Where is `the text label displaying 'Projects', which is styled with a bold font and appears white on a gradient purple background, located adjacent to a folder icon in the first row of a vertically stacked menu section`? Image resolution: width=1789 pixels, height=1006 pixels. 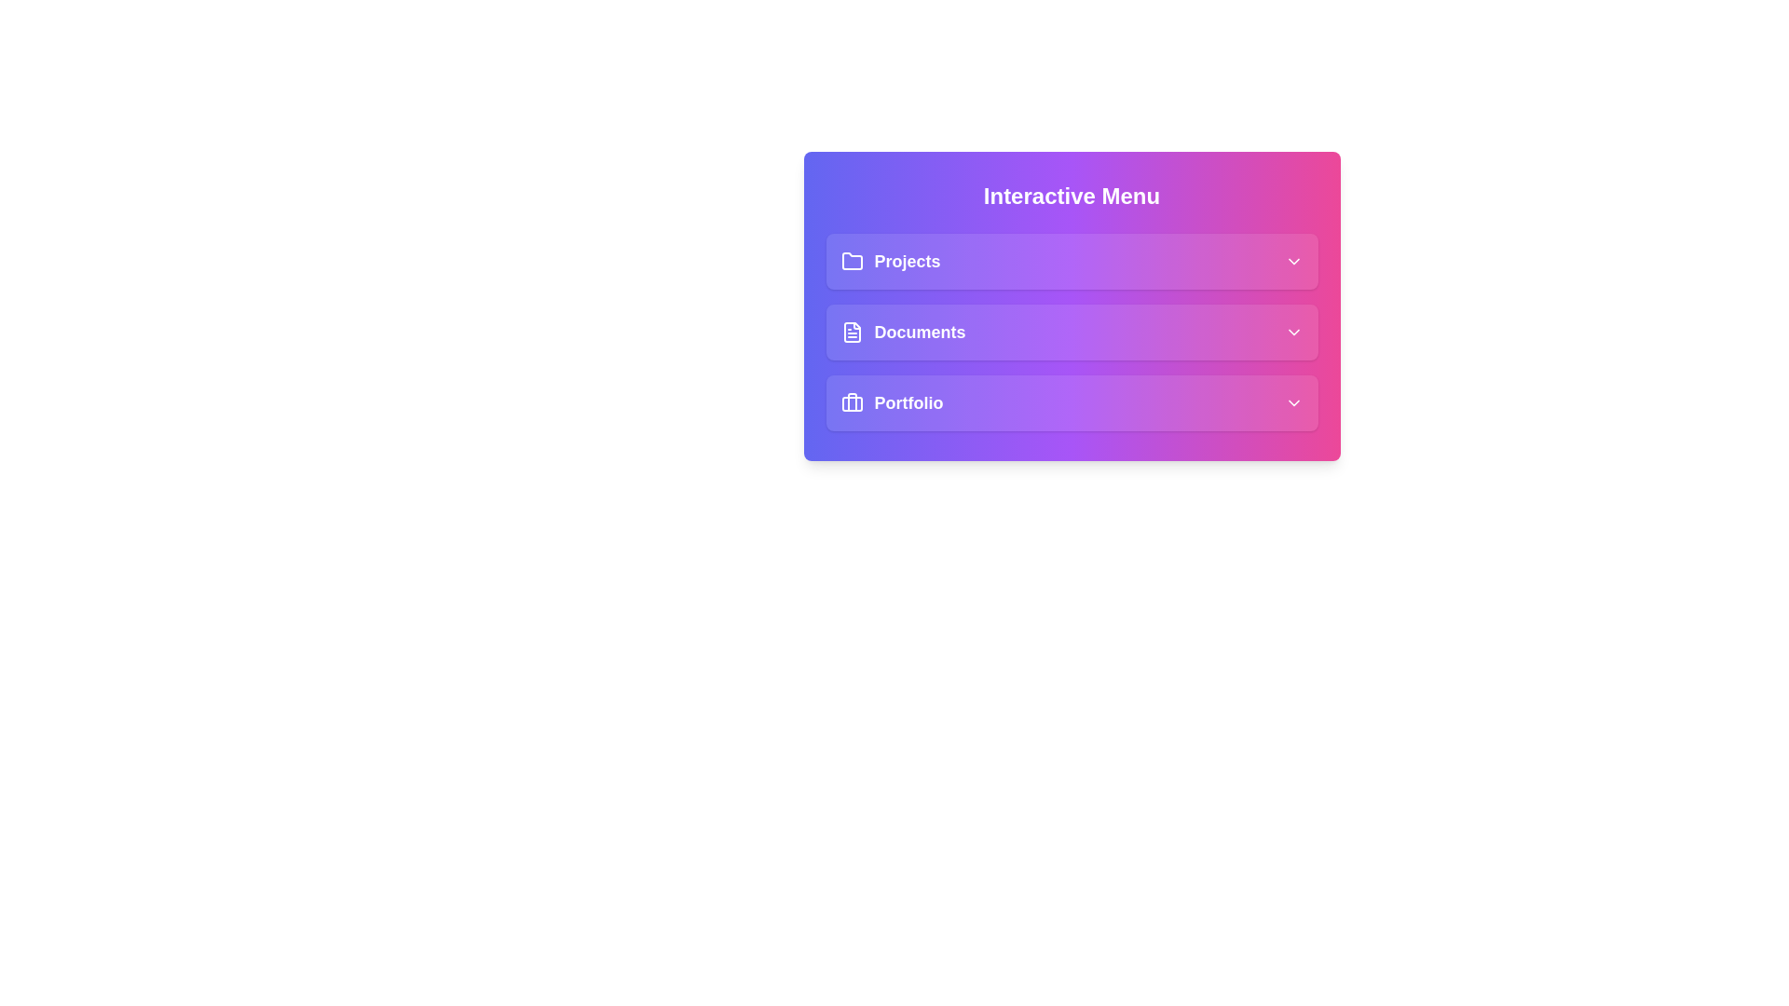 the text label displaying 'Projects', which is styled with a bold font and appears white on a gradient purple background, located adjacent to a folder icon in the first row of a vertically stacked menu section is located at coordinates (908, 262).